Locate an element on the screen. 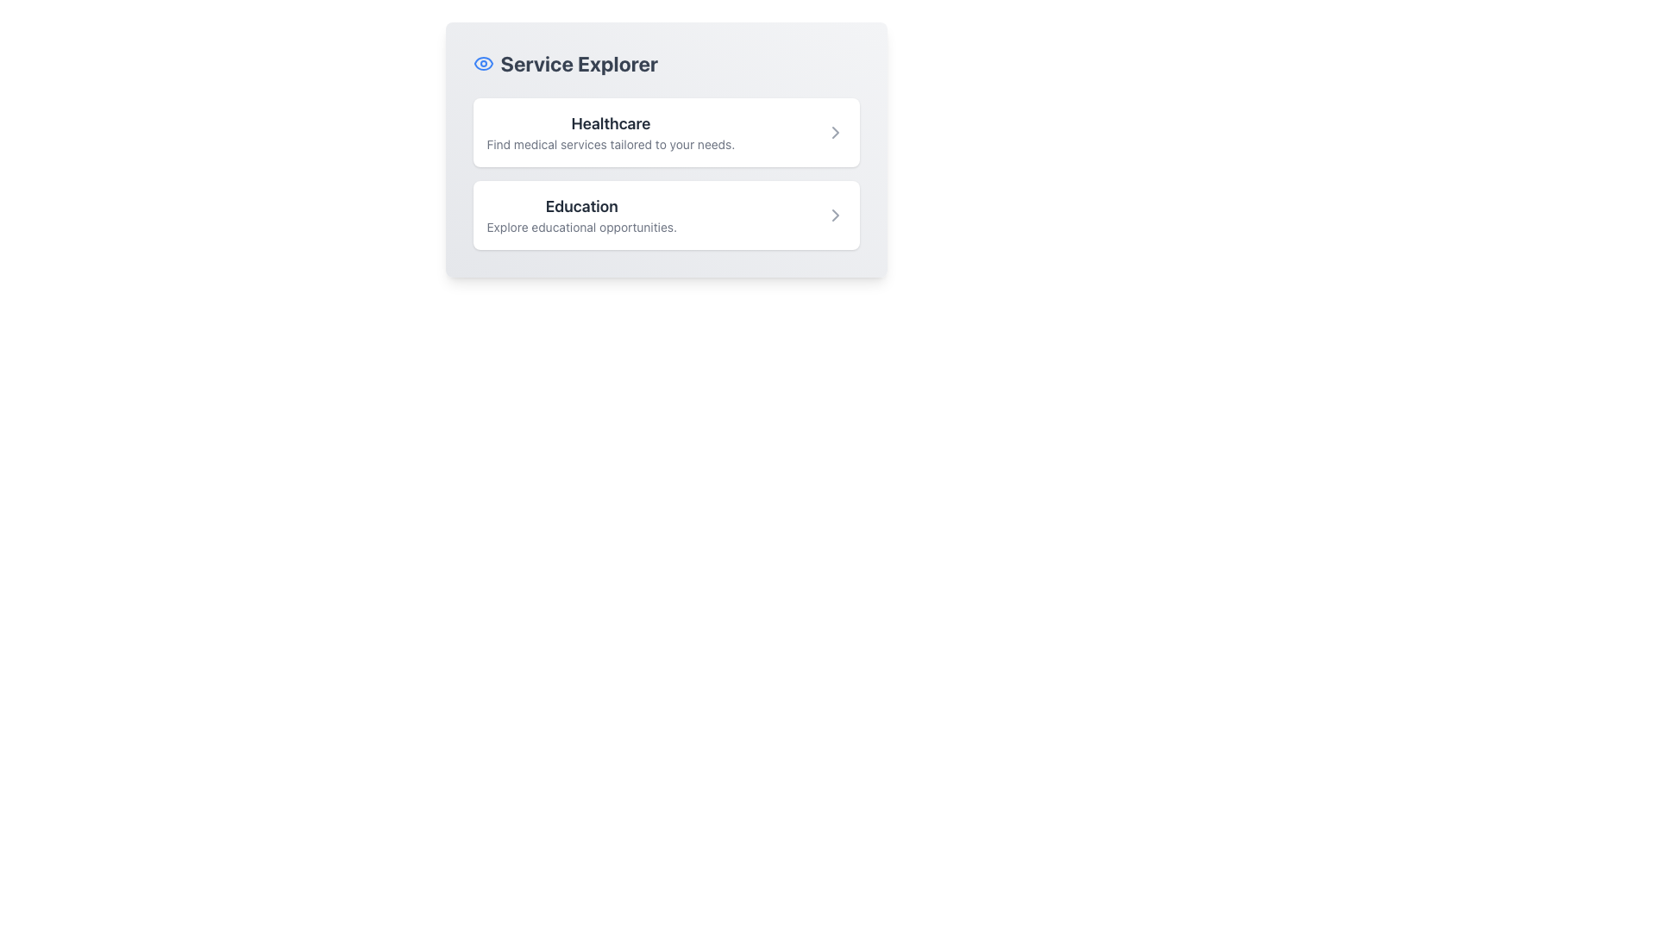 This screenshot has width=1656, height=931. the 'Healthcare' header, which is styled in bold dark gray is located at coordinates (611, 122).